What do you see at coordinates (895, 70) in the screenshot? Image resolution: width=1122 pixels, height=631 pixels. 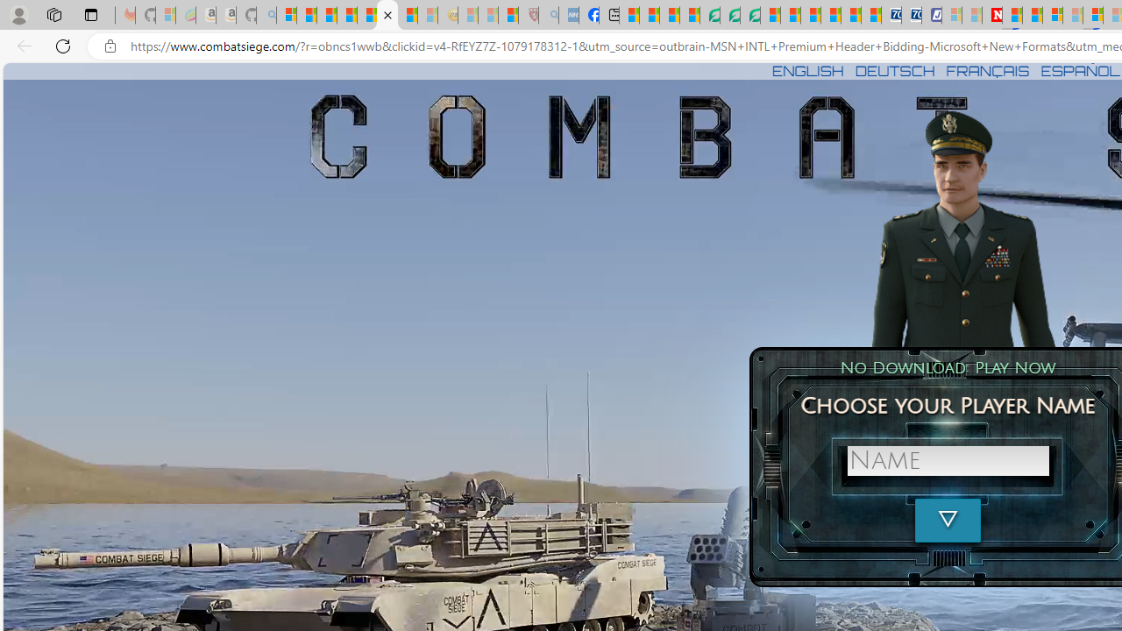 I see `'DEUTSCH'` at bounding box center [895, 70].